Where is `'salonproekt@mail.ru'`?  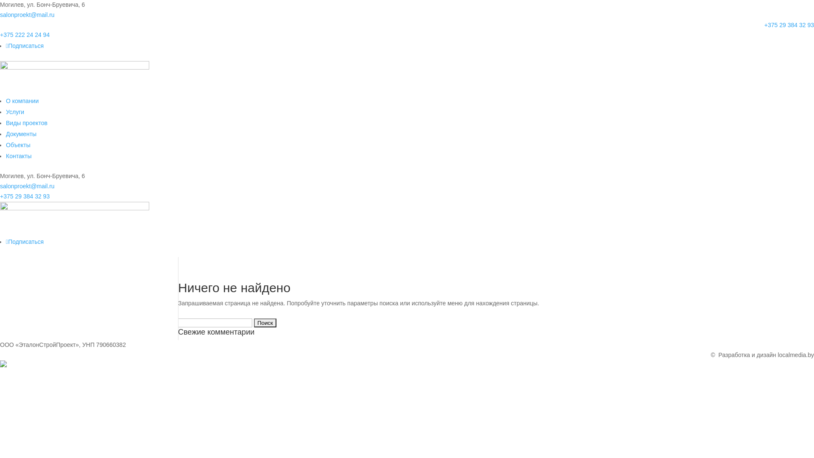 'salonproekt@mail.ru' is located at coordinates (27, 186).